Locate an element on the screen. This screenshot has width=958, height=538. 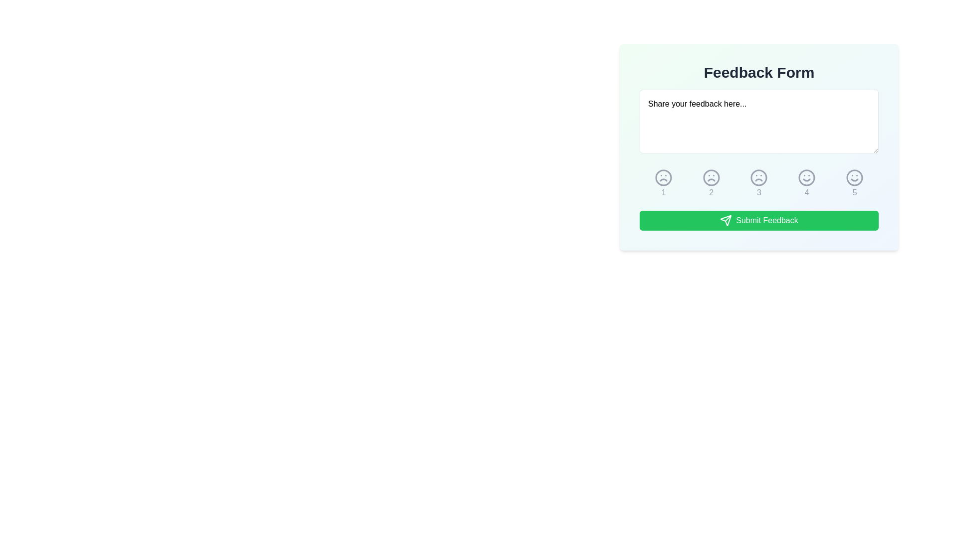
the fourth smiley icon in the feedback form is located at coordinates (807, 177).